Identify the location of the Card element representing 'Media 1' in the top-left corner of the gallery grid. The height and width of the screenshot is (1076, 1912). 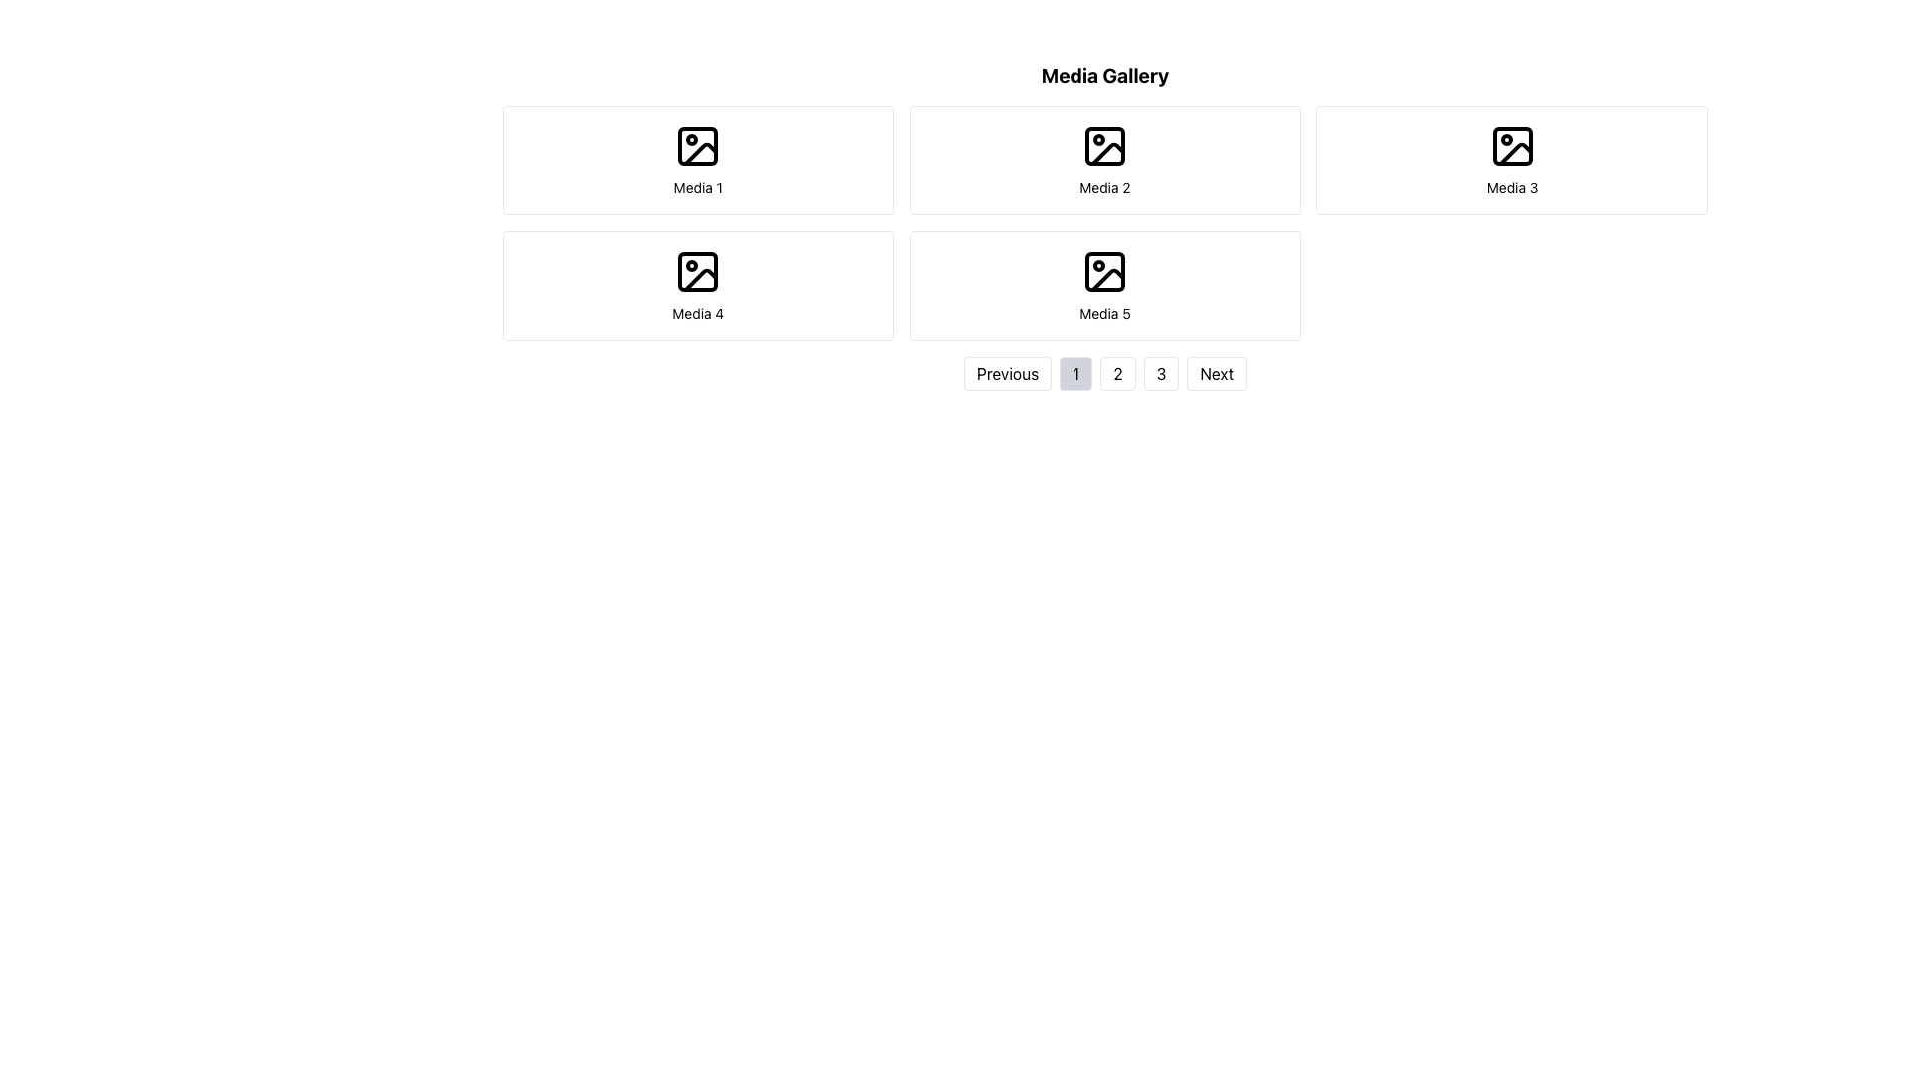
(698, 159).